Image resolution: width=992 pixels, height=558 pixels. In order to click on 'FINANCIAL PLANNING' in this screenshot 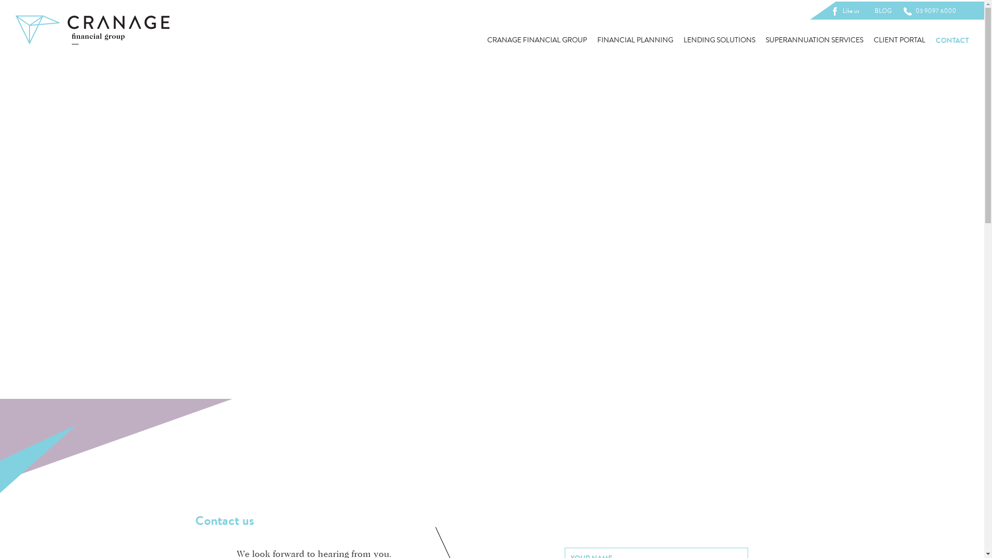, I will do `click(597, 40)`.